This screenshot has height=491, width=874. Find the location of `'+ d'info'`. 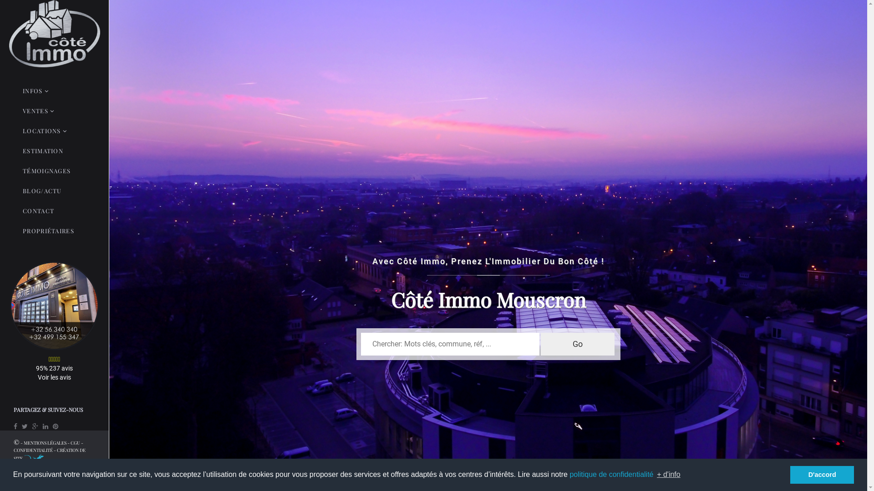

'+ d'info' is located at coordinates (668, 474).